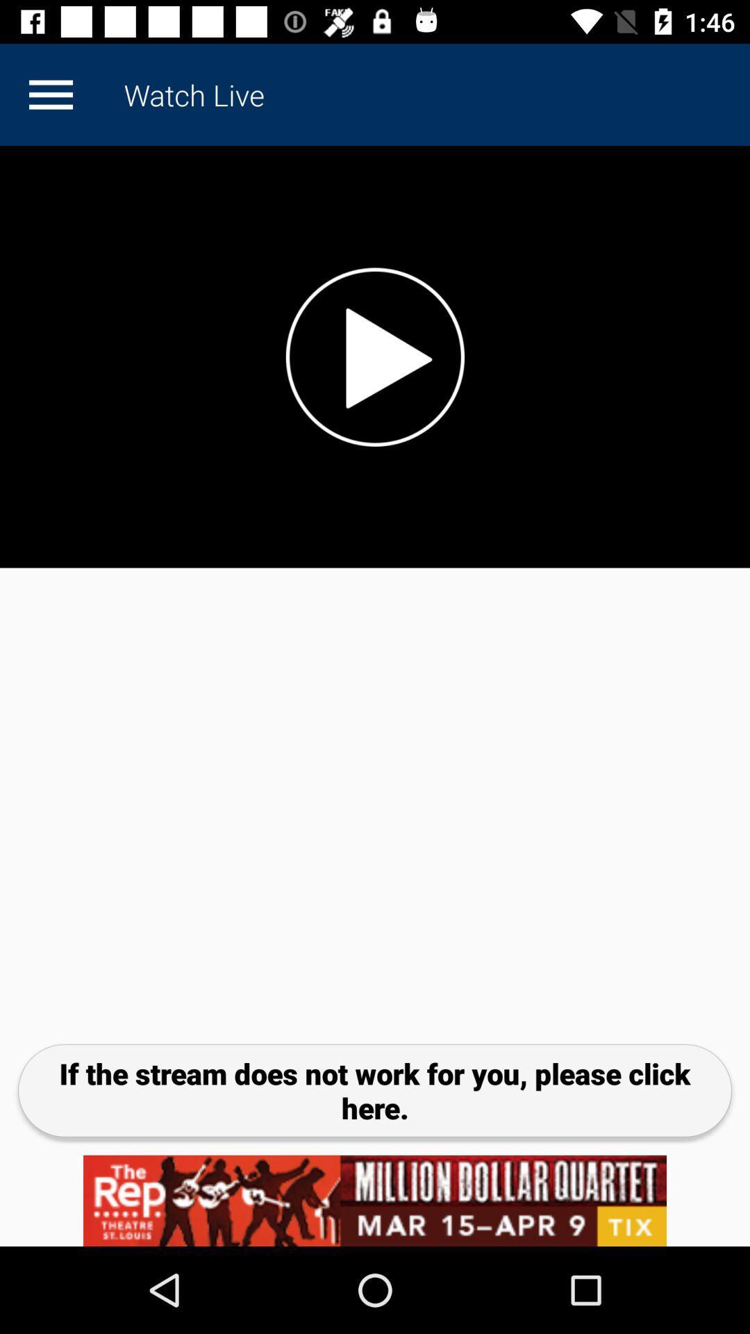 Image resolution: width=750 pixels, height=1334 pixels. Describe the element at coordinates (50, 94) in the screenshot. I see `the menu icon` at that location.